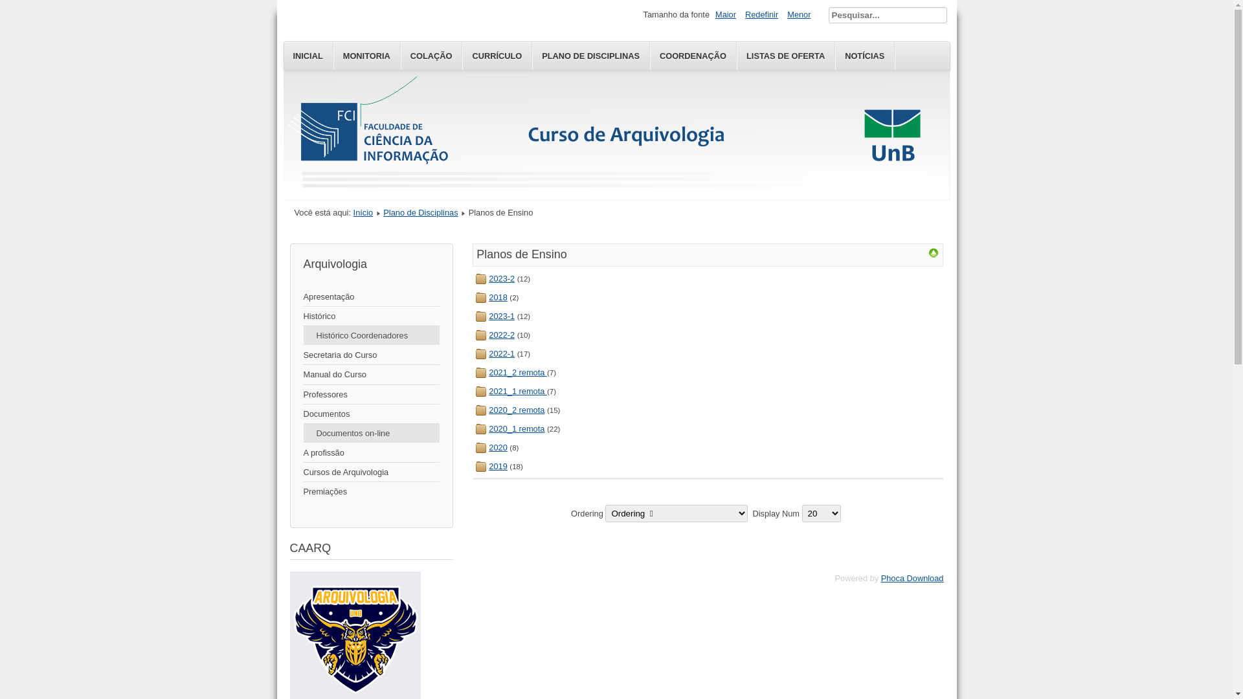 The height and width of the screenshot is (699, 1243). What do you see at coordinates (798, 14) in the screenshot?
I see `'Menor'` at bounding box center [798, 14].